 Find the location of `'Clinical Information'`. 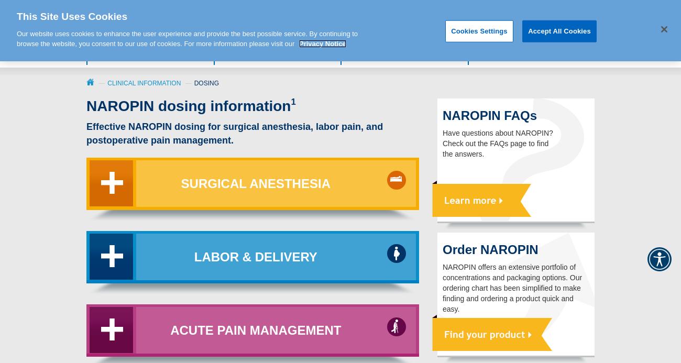

'Clinical Information' is located at coordinates (392, 56).